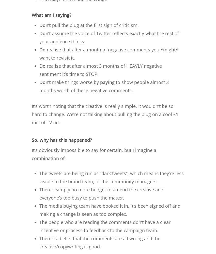  Describe the element at coordinates (32, 139) in the screenshot. I see `'So, why has this happened?'` at that location.